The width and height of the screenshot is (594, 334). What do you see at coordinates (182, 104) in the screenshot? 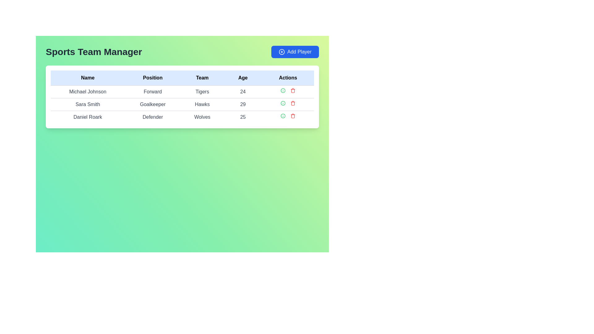
I see `the player represented` at bounding box center [182, 104].